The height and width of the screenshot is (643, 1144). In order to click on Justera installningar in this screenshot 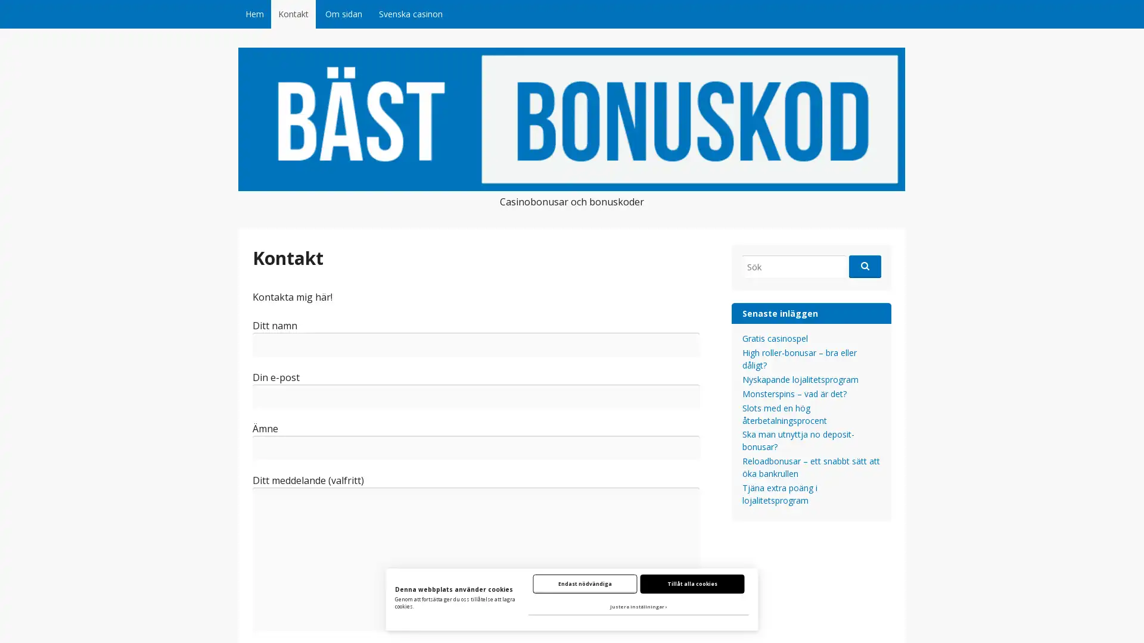, I will do `click(638, 607)`.